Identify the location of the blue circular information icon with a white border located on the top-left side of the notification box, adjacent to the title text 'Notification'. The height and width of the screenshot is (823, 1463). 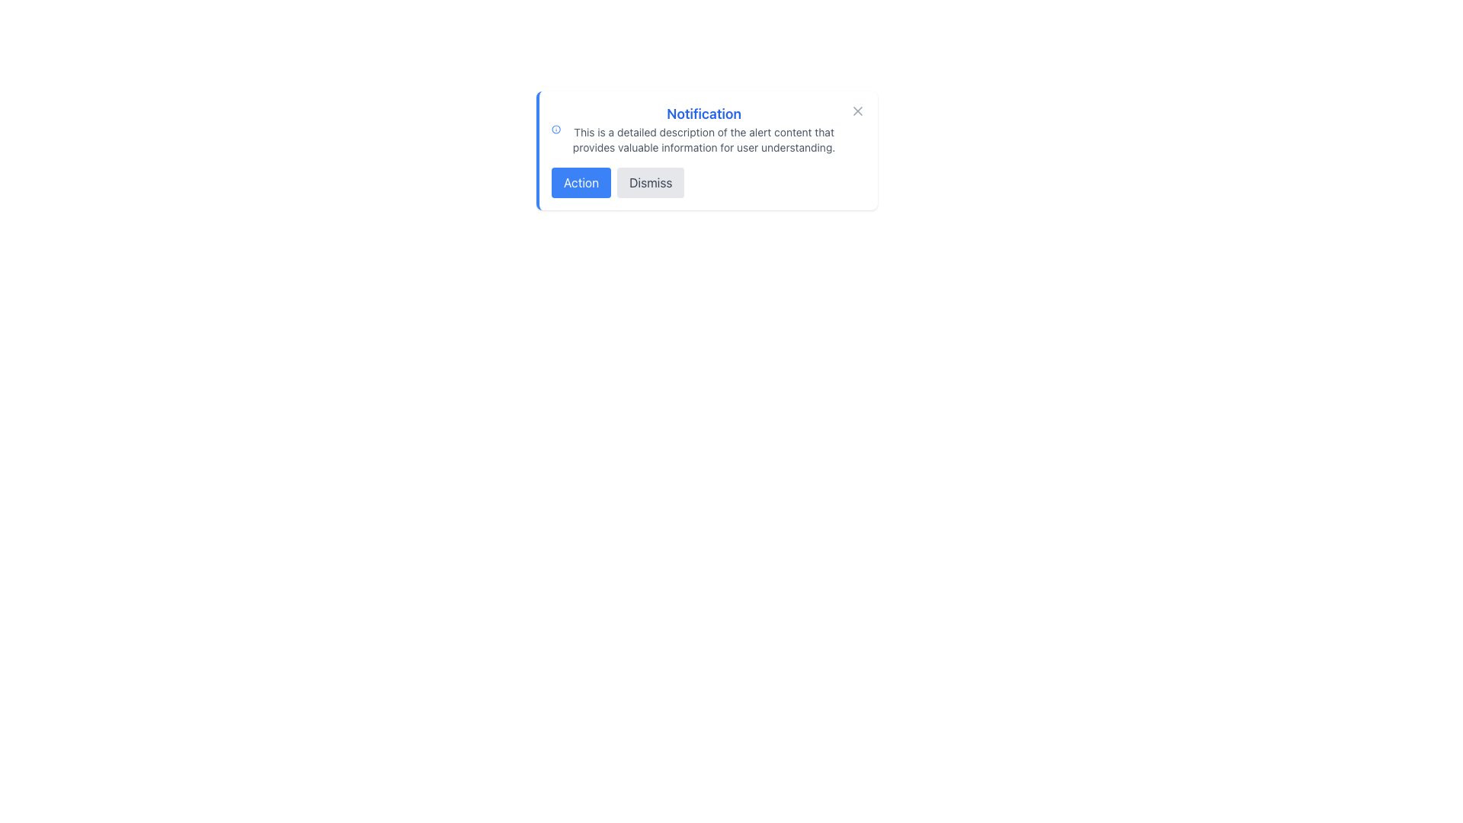
(555, 128).